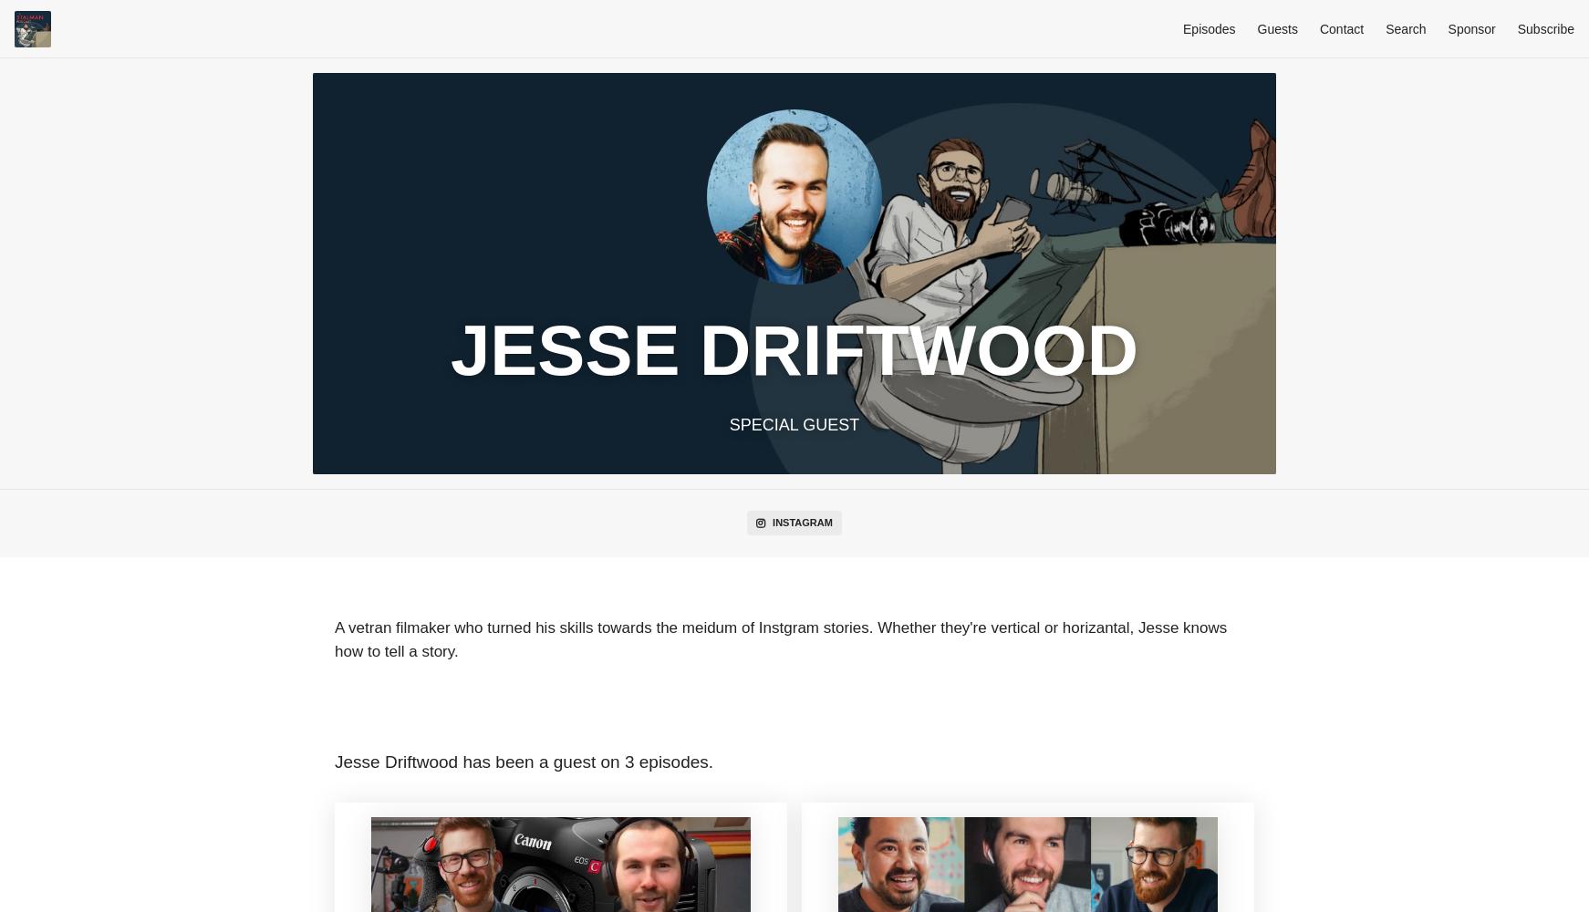 The width and height of the screenshot is (1589, 912). I want to click on 'Jesse Driftwood', so click(794, 350).